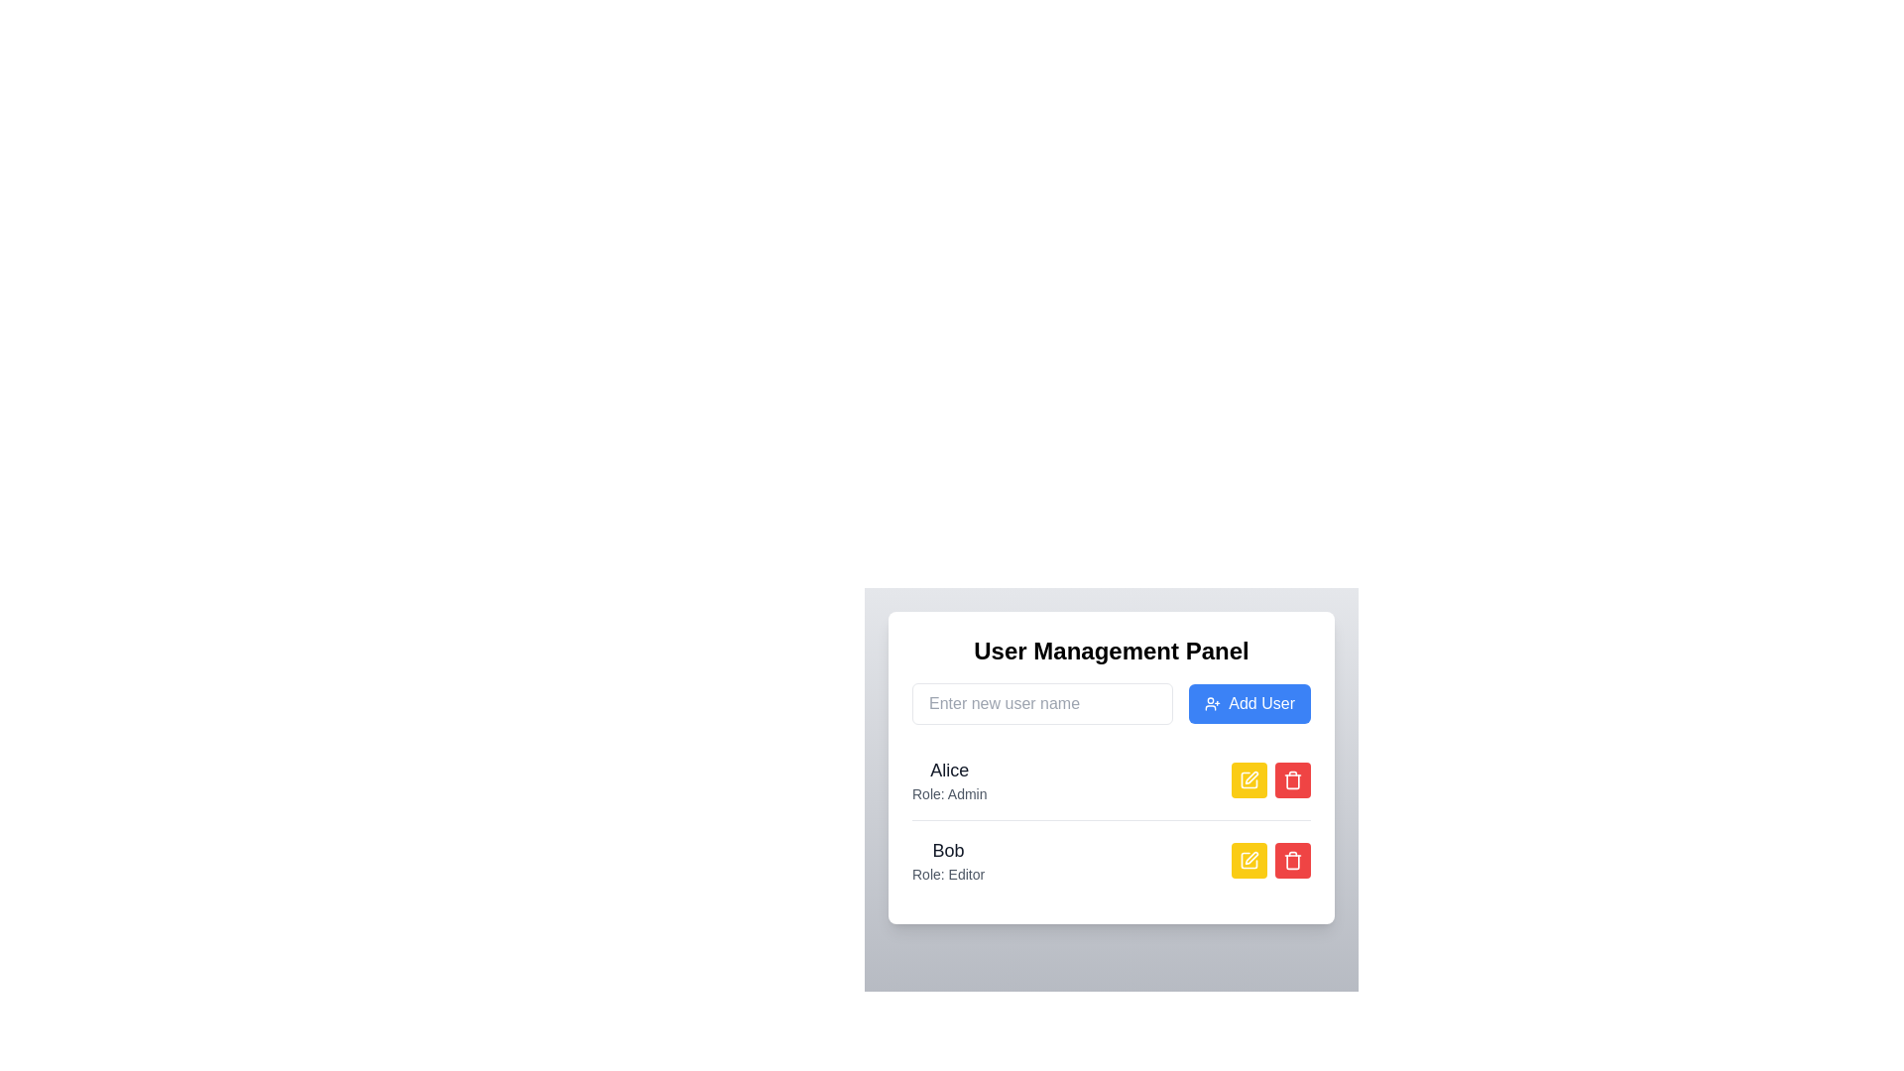  What do you see at coordinates (1248, 778) in the screenshot?
I see `the yellow square icon button with a pen graphic located to the right of the 'Alice' user entry in the 'User Management Panel' section` at bounding box center [1248, 778].